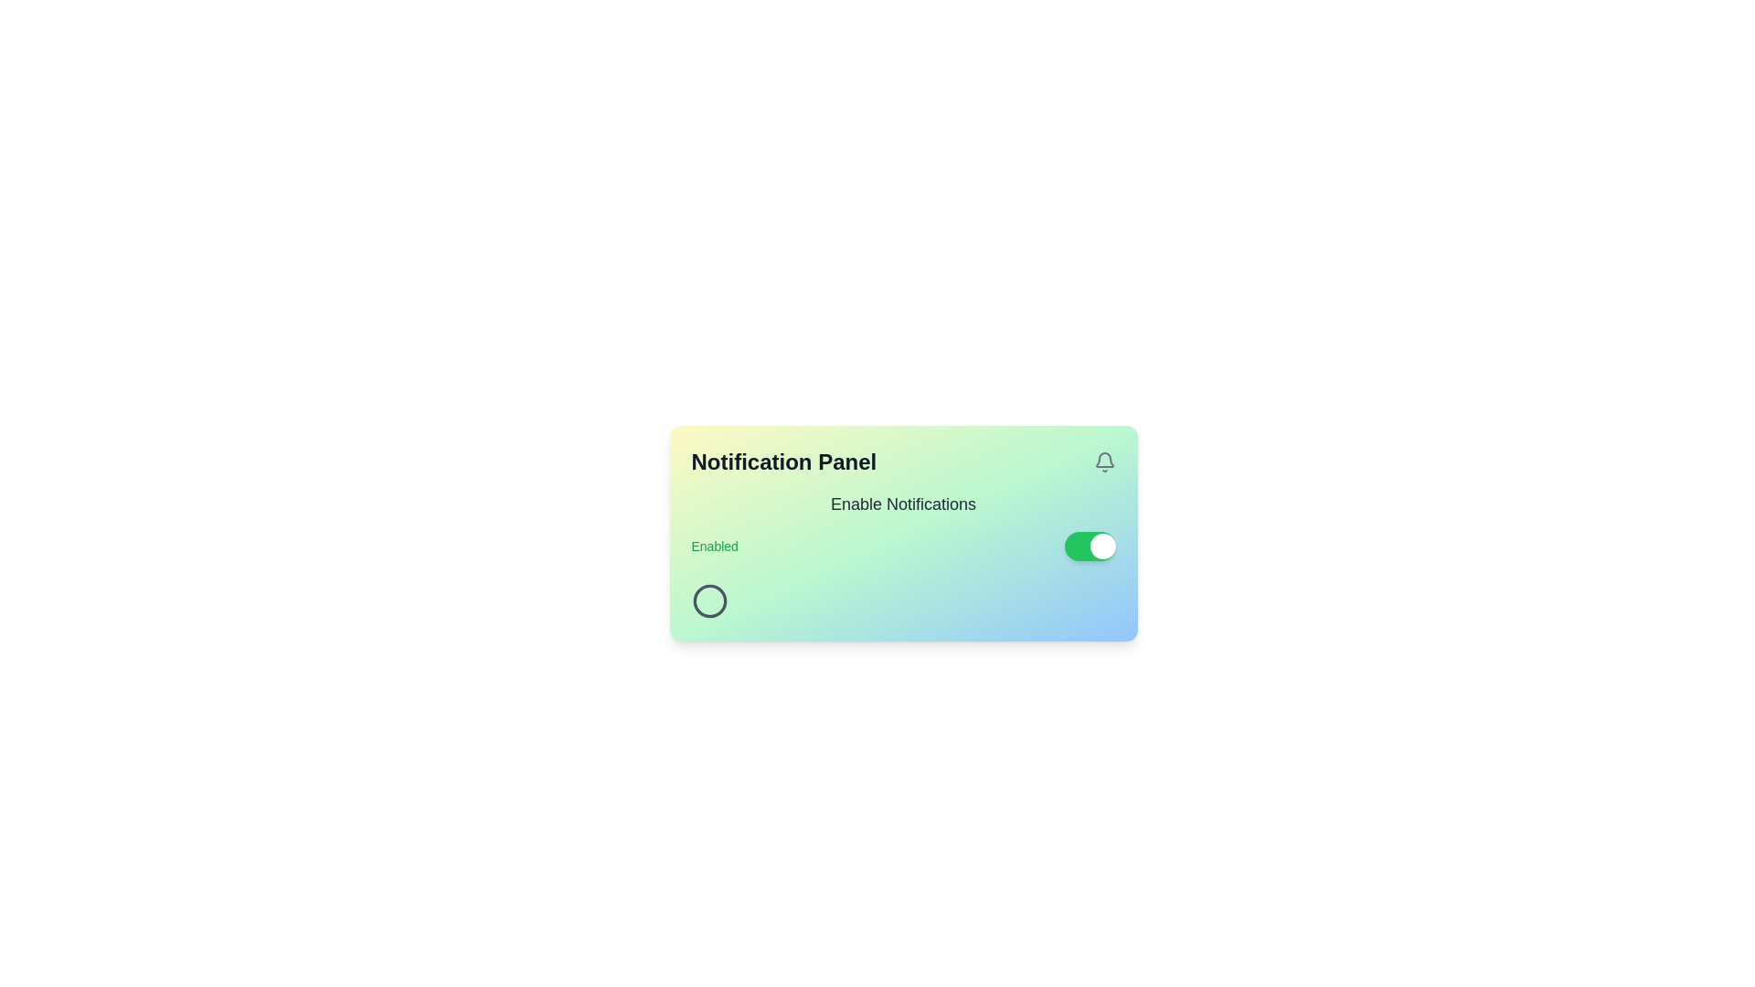  Describe the element at coordinates (903, 504) in the screenshot. I see `the 'Enable Notifications' label, which is a bold, large dark gray text displayed centrally beneath the 'Notification Panel.'` at that location.